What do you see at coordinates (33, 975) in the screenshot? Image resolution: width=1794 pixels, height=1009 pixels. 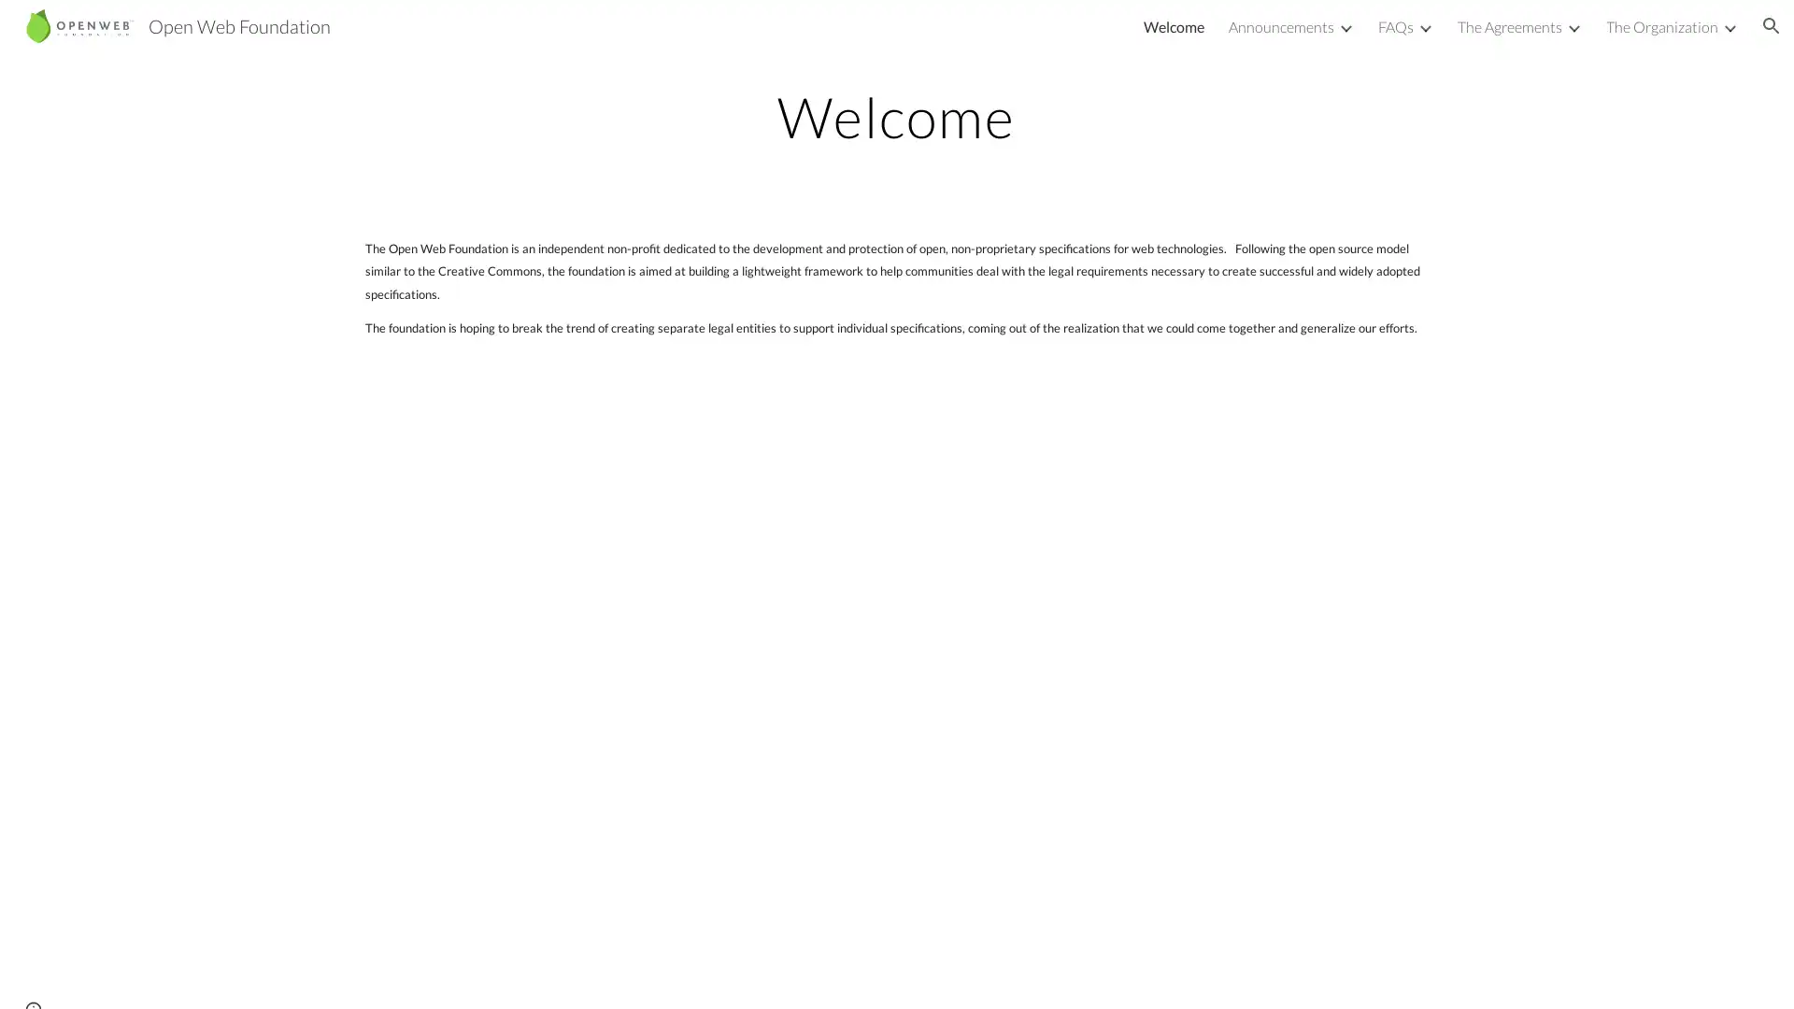 I see `Site actions` at bounding box center [33, 975].